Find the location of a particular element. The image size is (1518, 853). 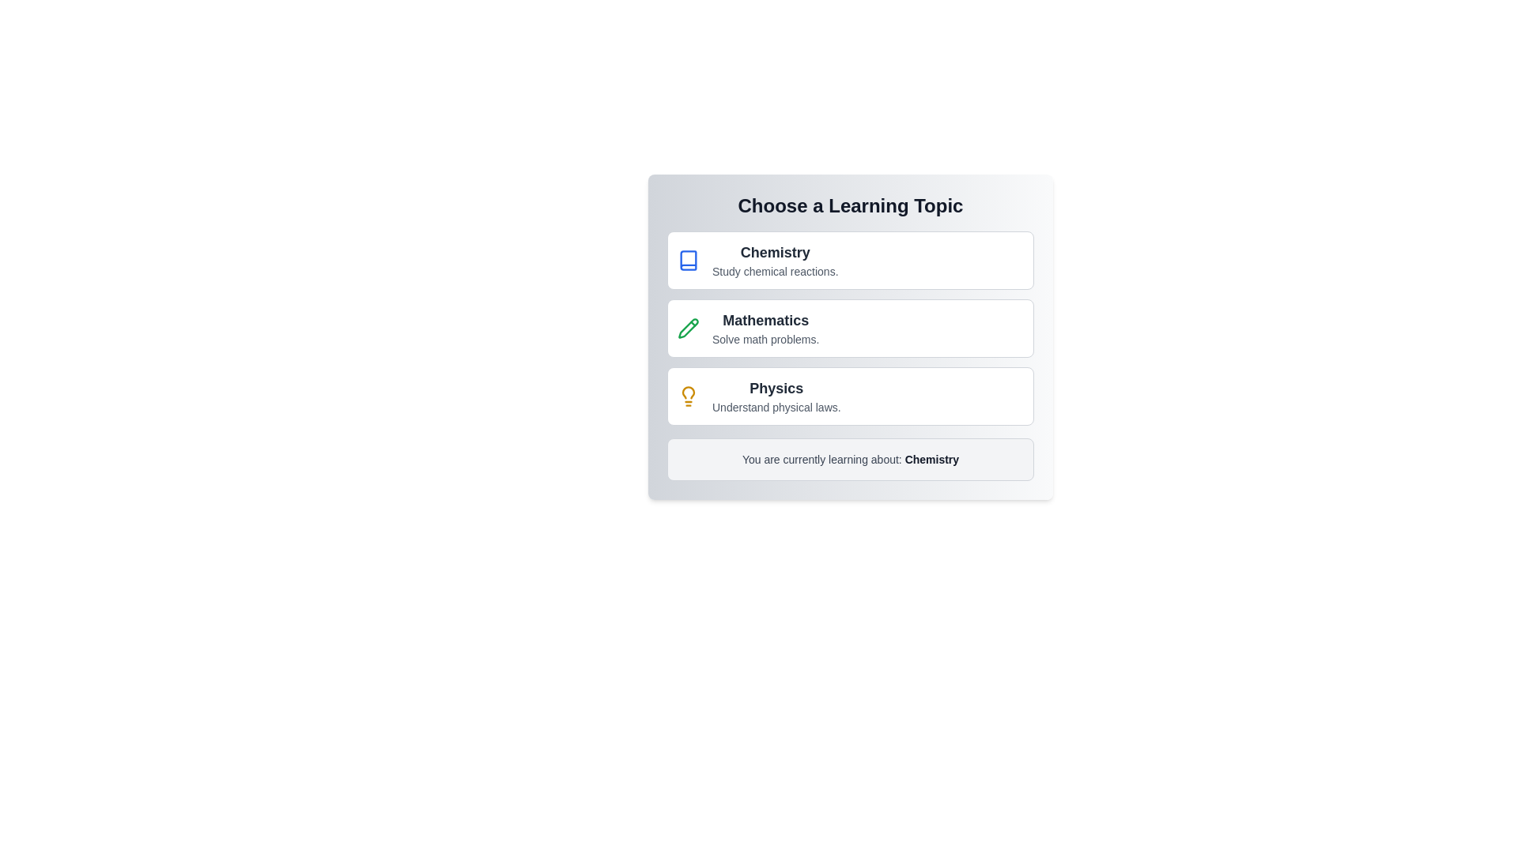

the second item in the vertically arranged list of learning topics is located at coordinates (849, 328).